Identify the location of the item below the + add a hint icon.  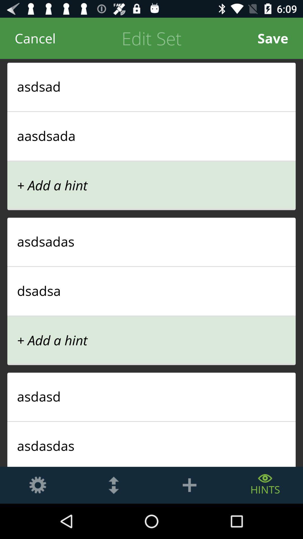
(151, 241).